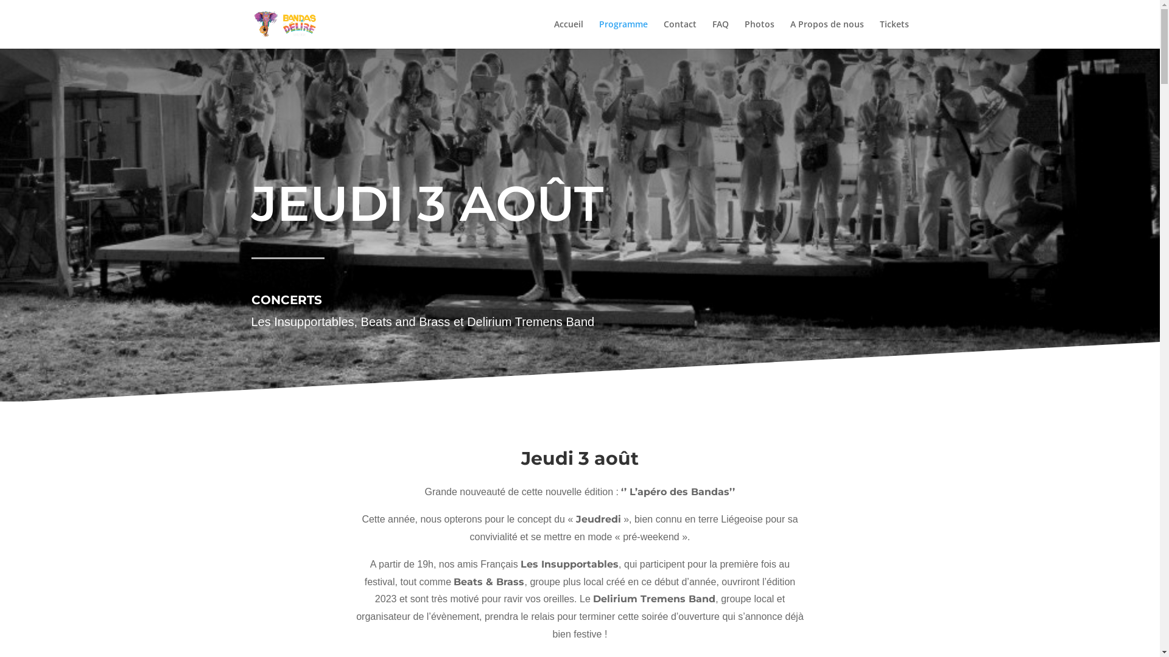  Describe the element at coordinates (623, 33) in the screenshot. I see `'Programme'` at that location.